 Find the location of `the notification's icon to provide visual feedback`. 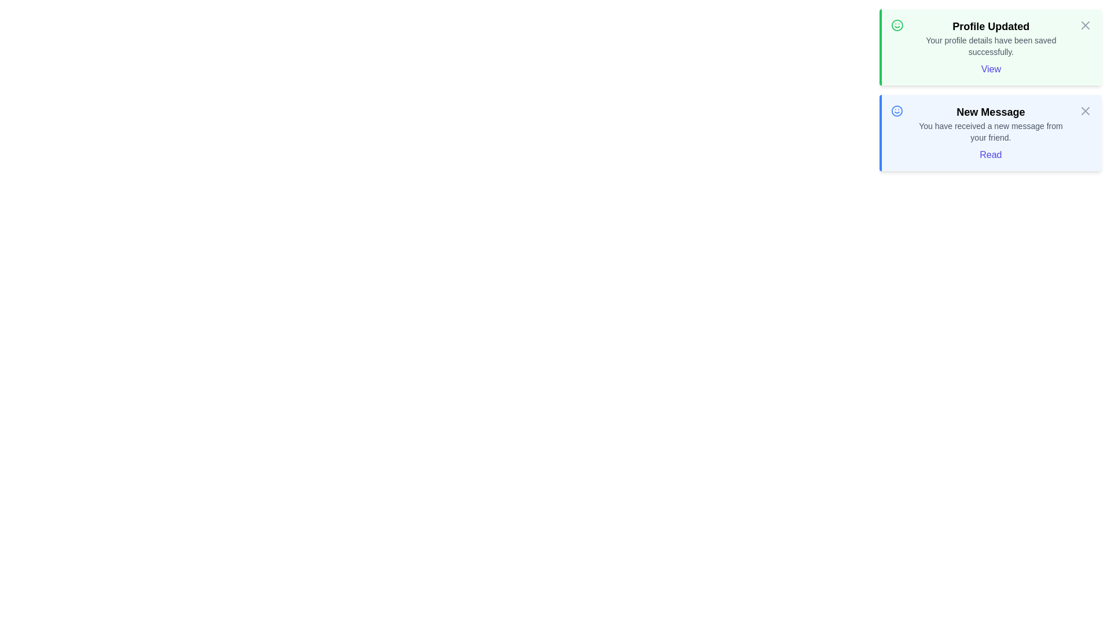

the notification's icon to provide visual feedback is located at coordinates (896, 25).